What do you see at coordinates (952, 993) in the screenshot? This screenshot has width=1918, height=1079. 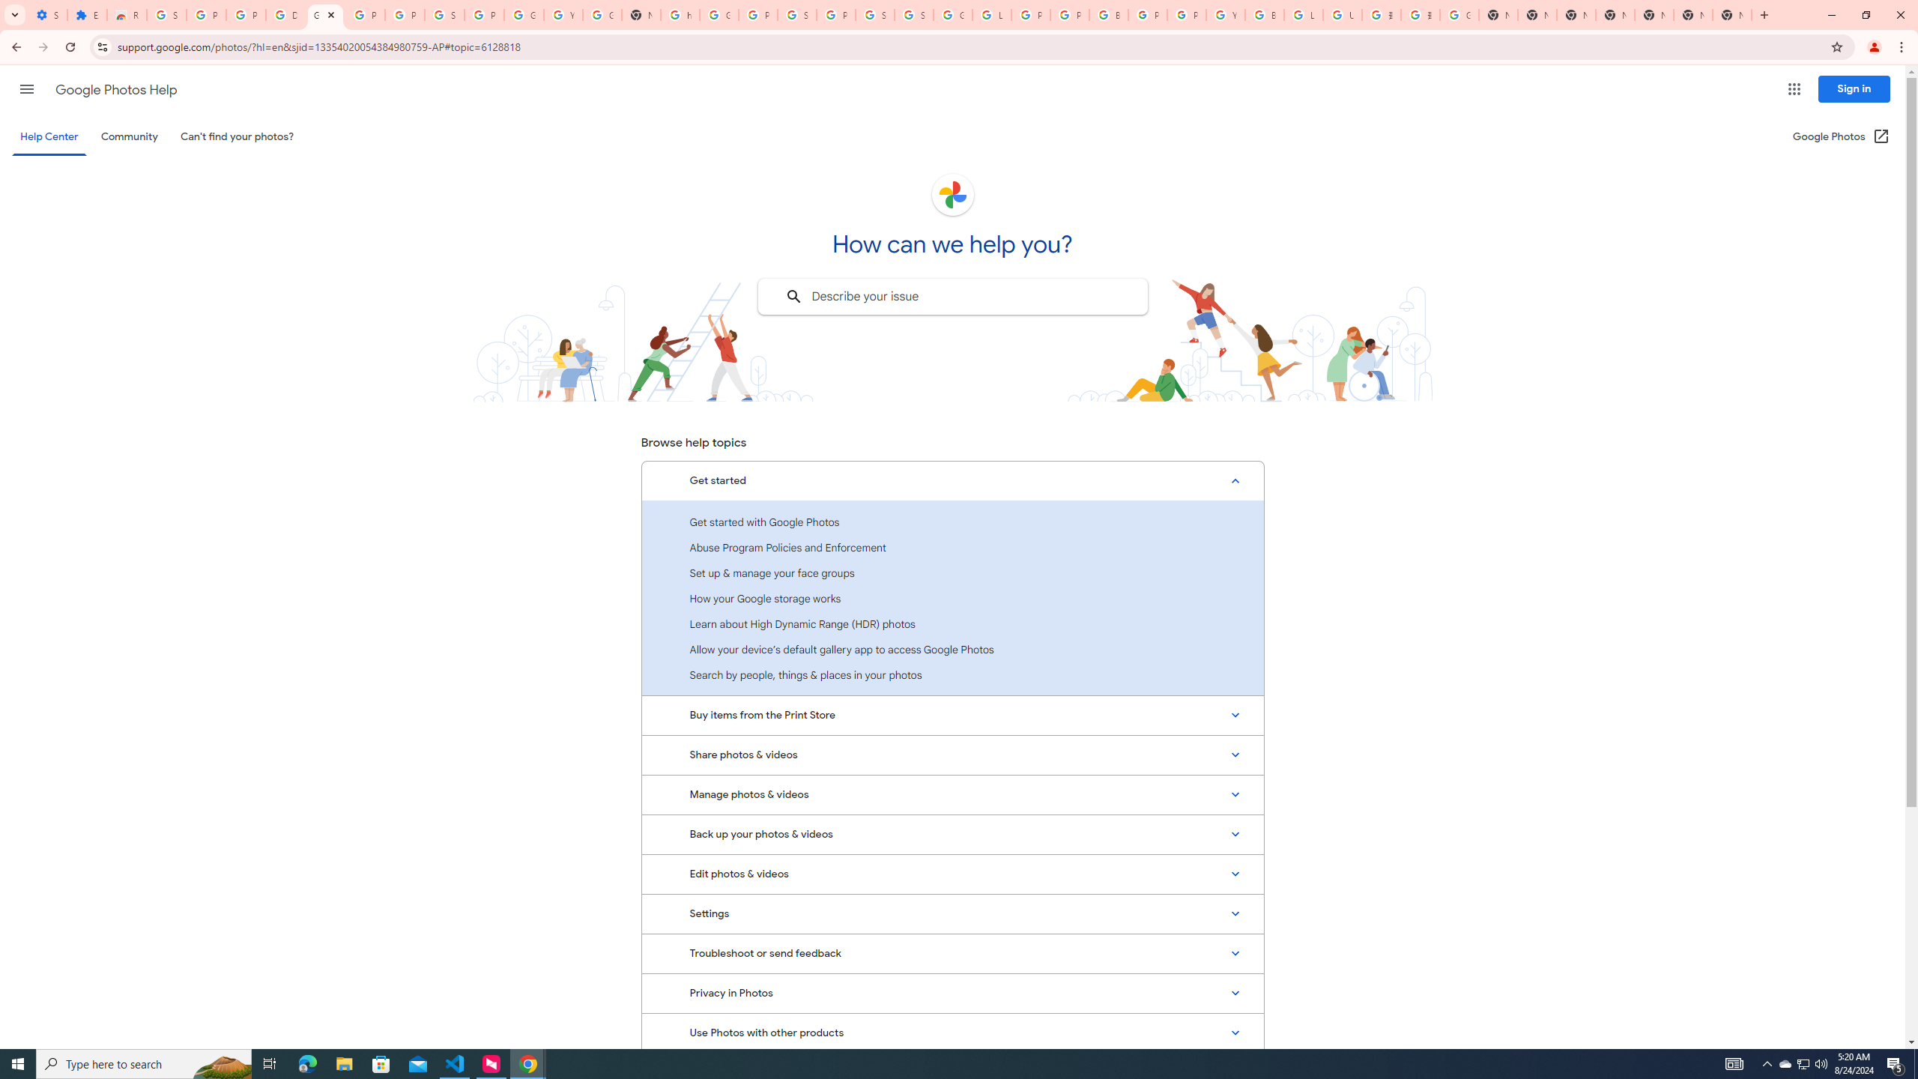 I see `'Privacy in Photos'` at bounding box center [952, 993].